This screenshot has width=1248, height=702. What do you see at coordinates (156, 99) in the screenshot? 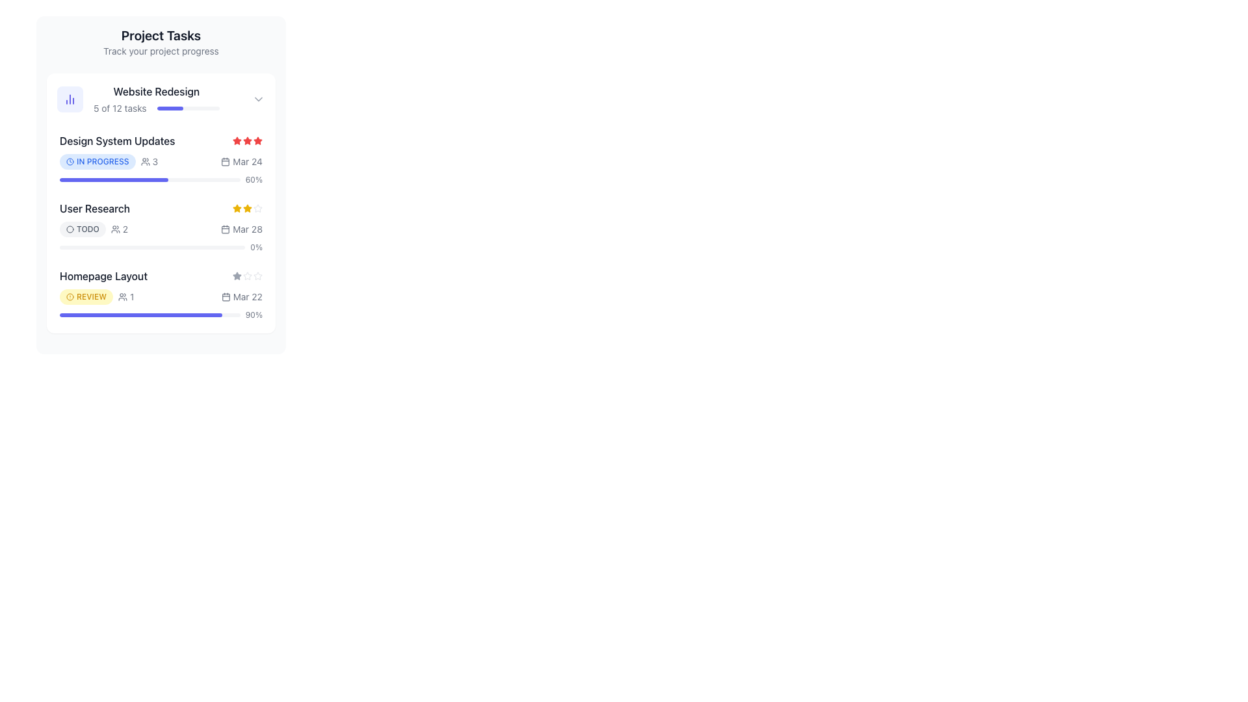
I see `the Compound UI component displaying the heading 'Website Redesign', the description '5 of 12 tasks.', and the progress bar` at bounding box center [156, 99].